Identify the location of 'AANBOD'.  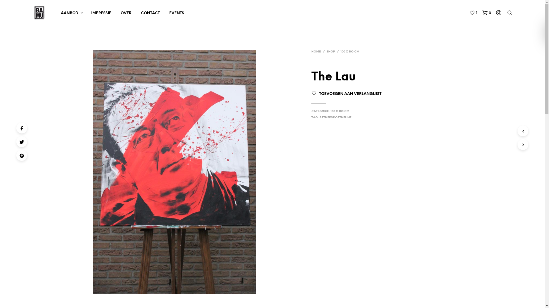
(69, 13).